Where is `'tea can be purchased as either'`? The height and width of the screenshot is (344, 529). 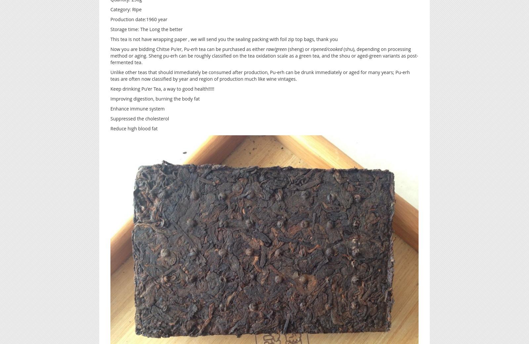 'tea can be purchased as either' is located at coordinates (231, 49).